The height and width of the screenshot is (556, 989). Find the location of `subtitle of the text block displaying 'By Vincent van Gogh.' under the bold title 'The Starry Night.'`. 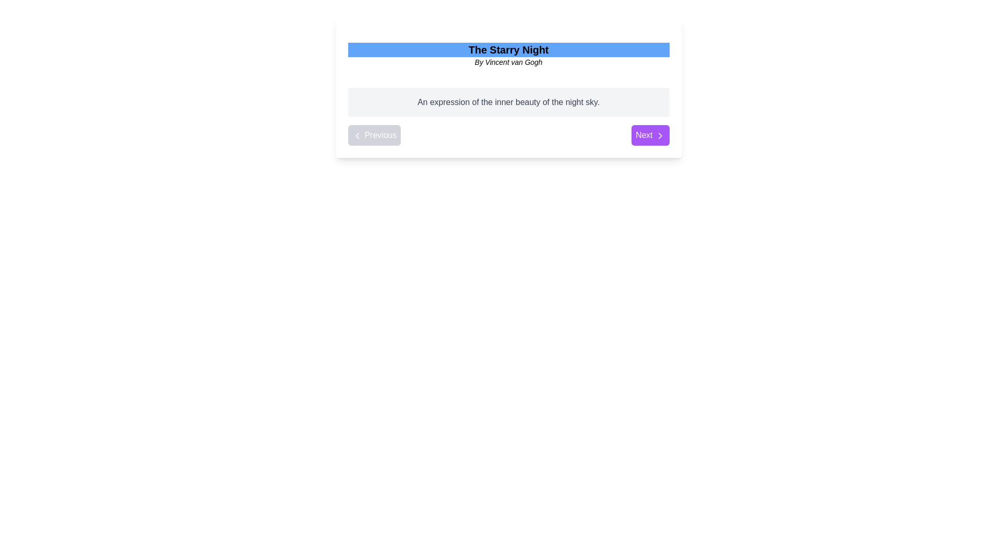

subtitle of the text block displaying 'By Vincent van Gogh.' under the bold title 'The Starry Night.' is located at coordinates (508, 55).